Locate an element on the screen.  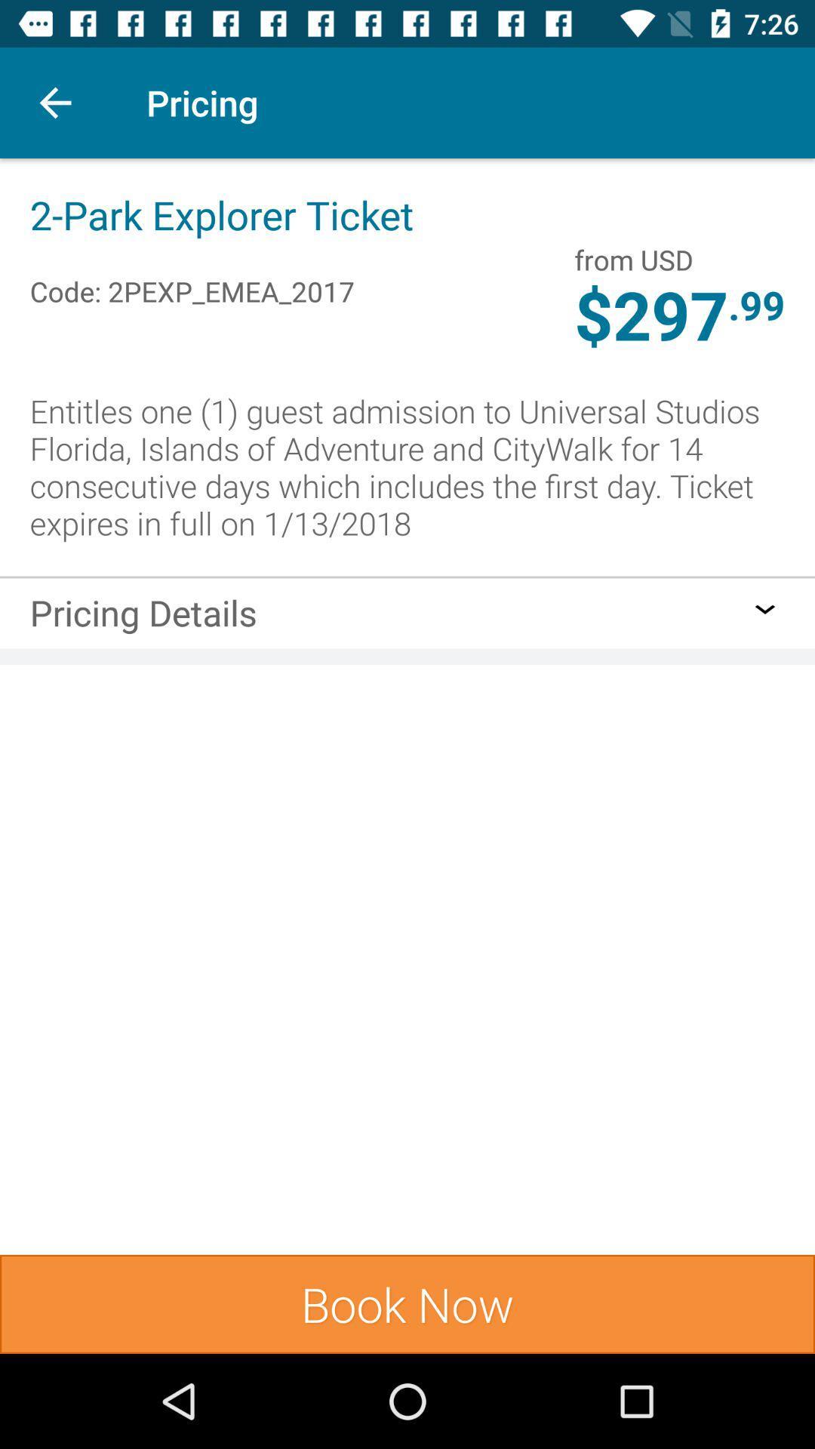
the entitles one 1 at the top is located at coordinates (407, 466).